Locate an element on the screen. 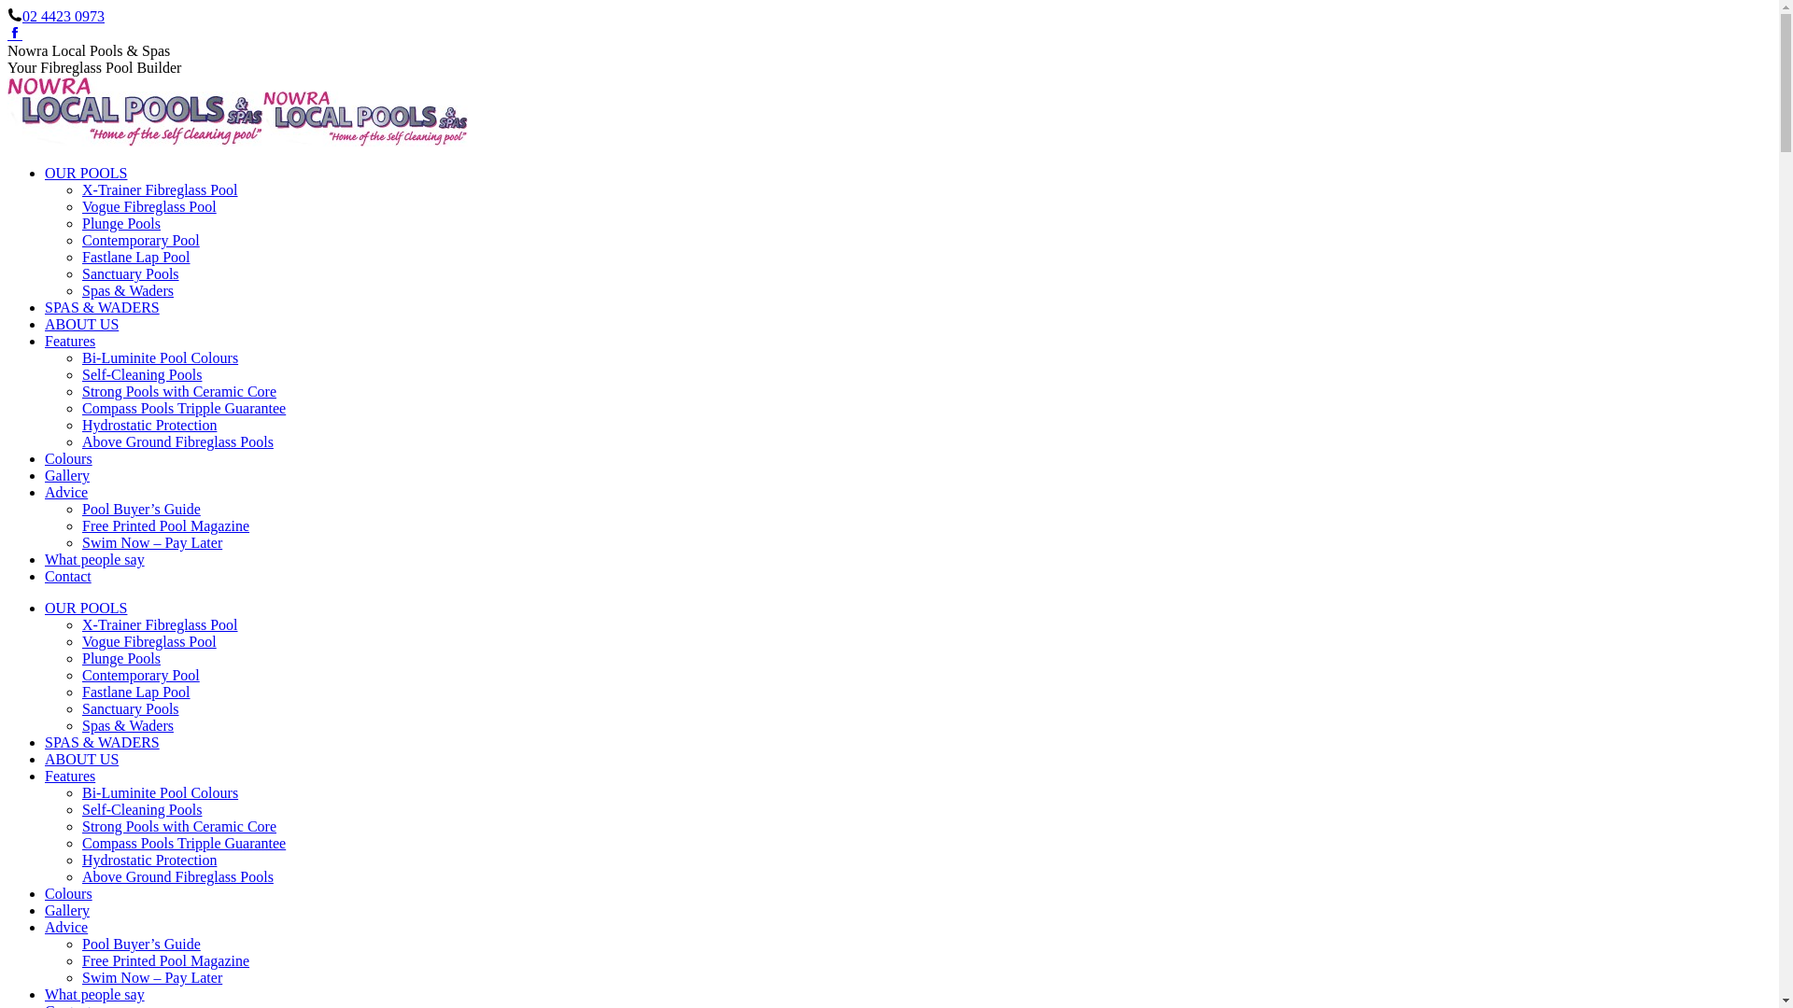 The image size is (1793, 1008). 'Spas & Waders' is located at coordinates (127, 290).